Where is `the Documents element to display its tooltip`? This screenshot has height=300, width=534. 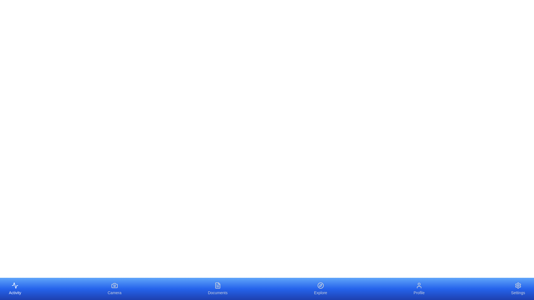
the Documents element to display its tooltip is located at coordinates (217, 289).